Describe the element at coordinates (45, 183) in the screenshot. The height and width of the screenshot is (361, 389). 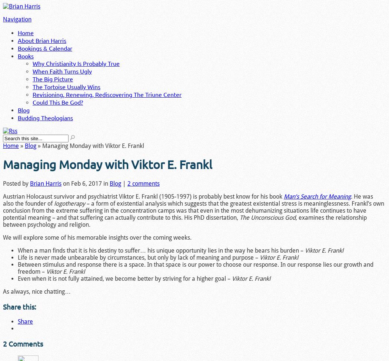
I see `'Brian Harris'` at that location.